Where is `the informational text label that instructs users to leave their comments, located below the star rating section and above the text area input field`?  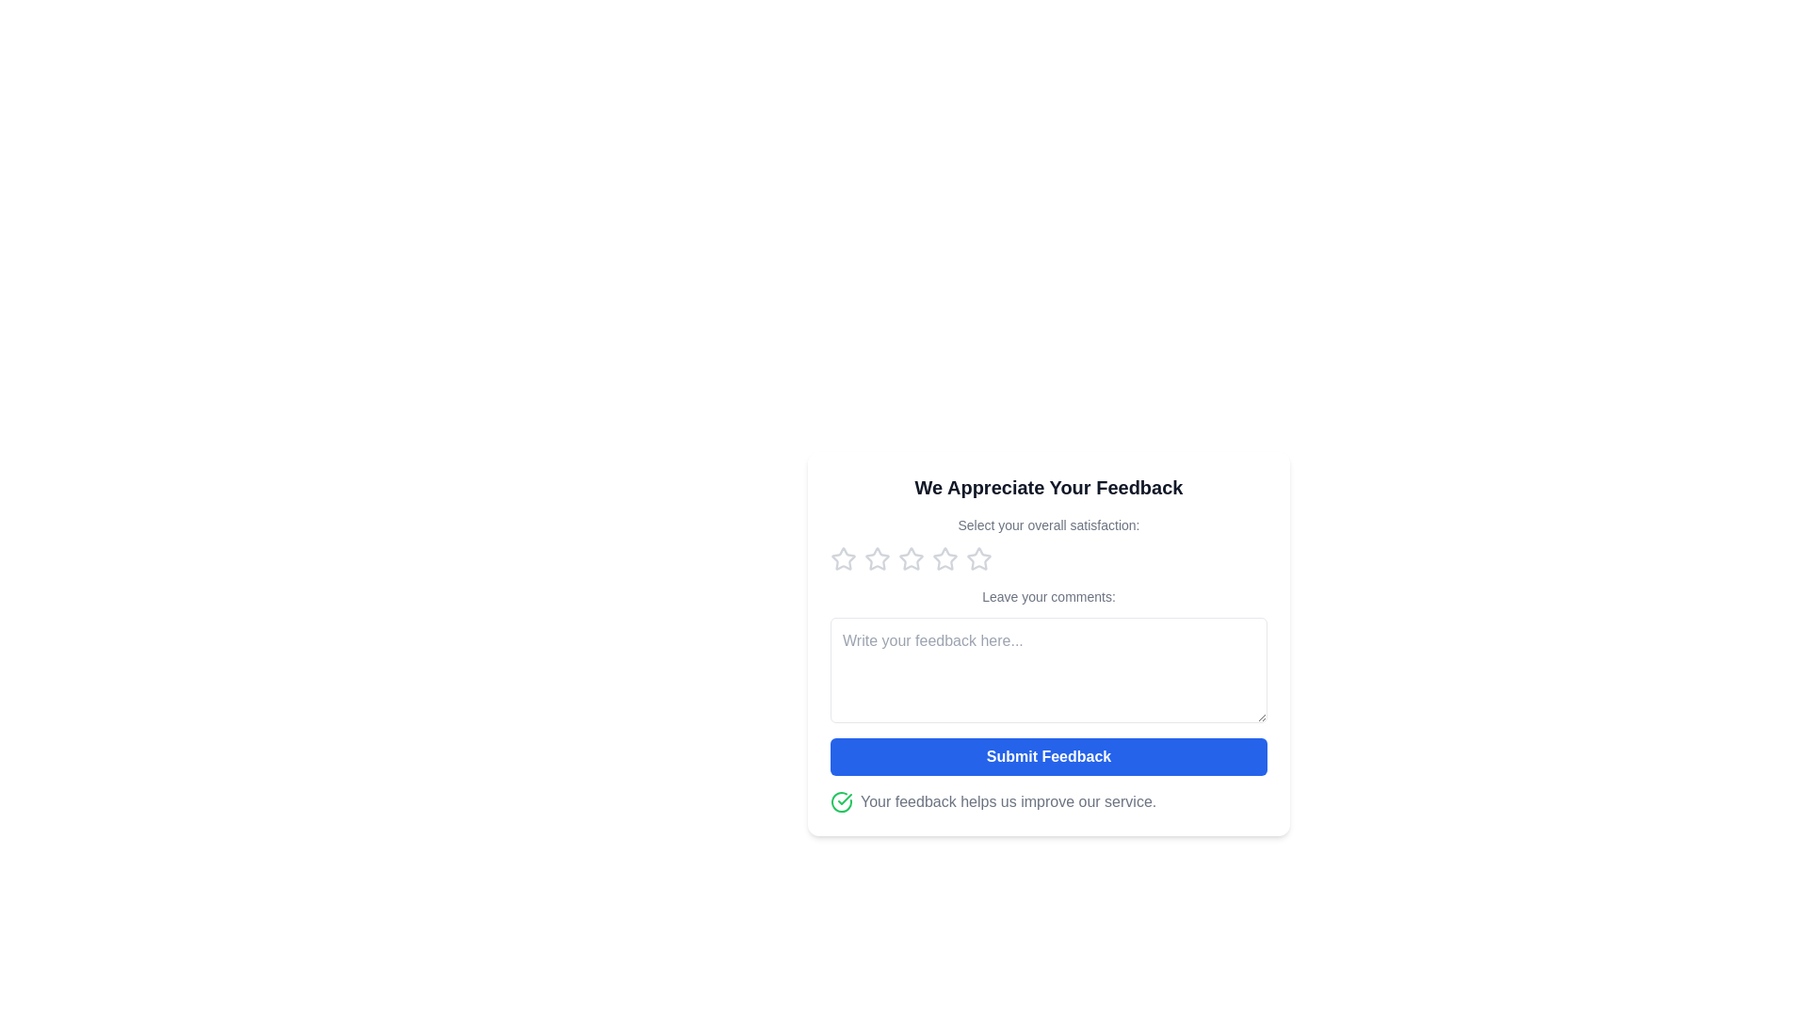
the informational text label that instructs users to leave their comments, located below the star rating section and above the text area input field is located at coordinates (1047, 596).